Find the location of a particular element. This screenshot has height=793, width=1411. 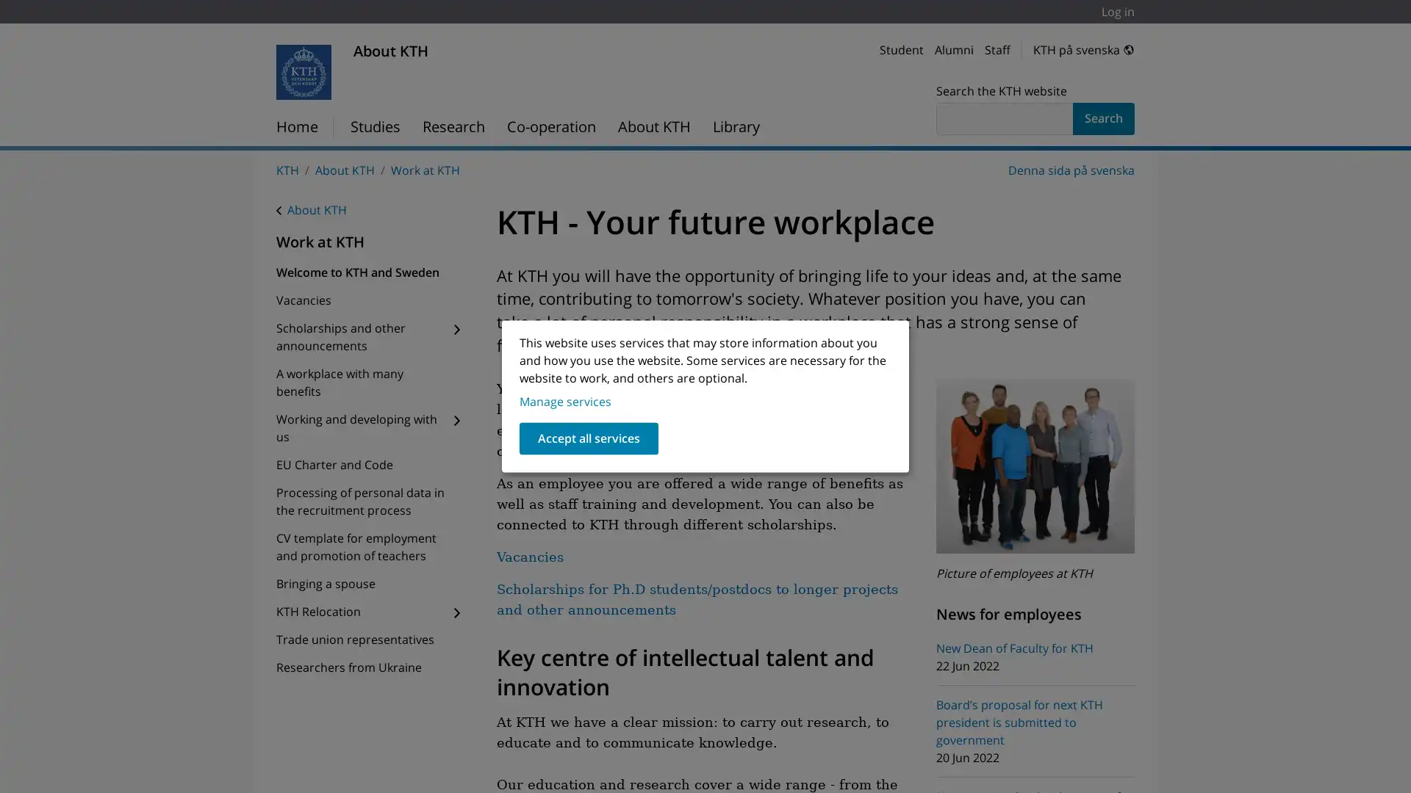

Accept all services is located at coordinates (589, 438).